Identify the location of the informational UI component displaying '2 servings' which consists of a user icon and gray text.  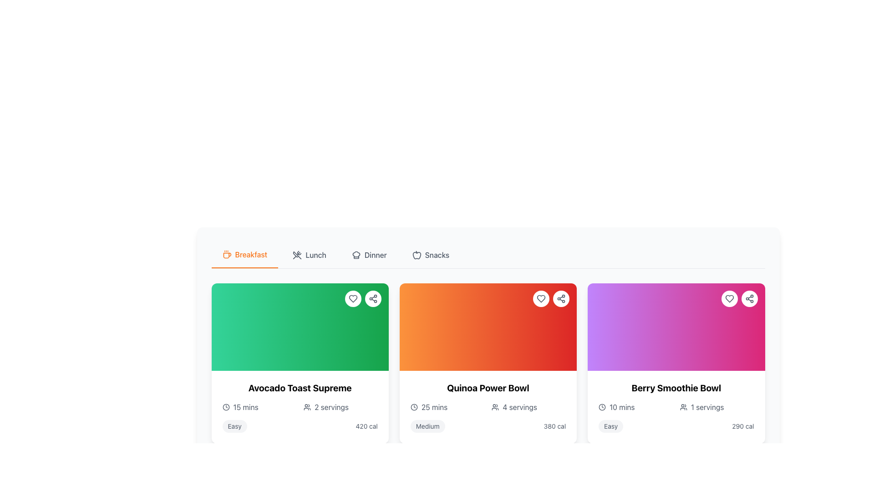
(340, 407).